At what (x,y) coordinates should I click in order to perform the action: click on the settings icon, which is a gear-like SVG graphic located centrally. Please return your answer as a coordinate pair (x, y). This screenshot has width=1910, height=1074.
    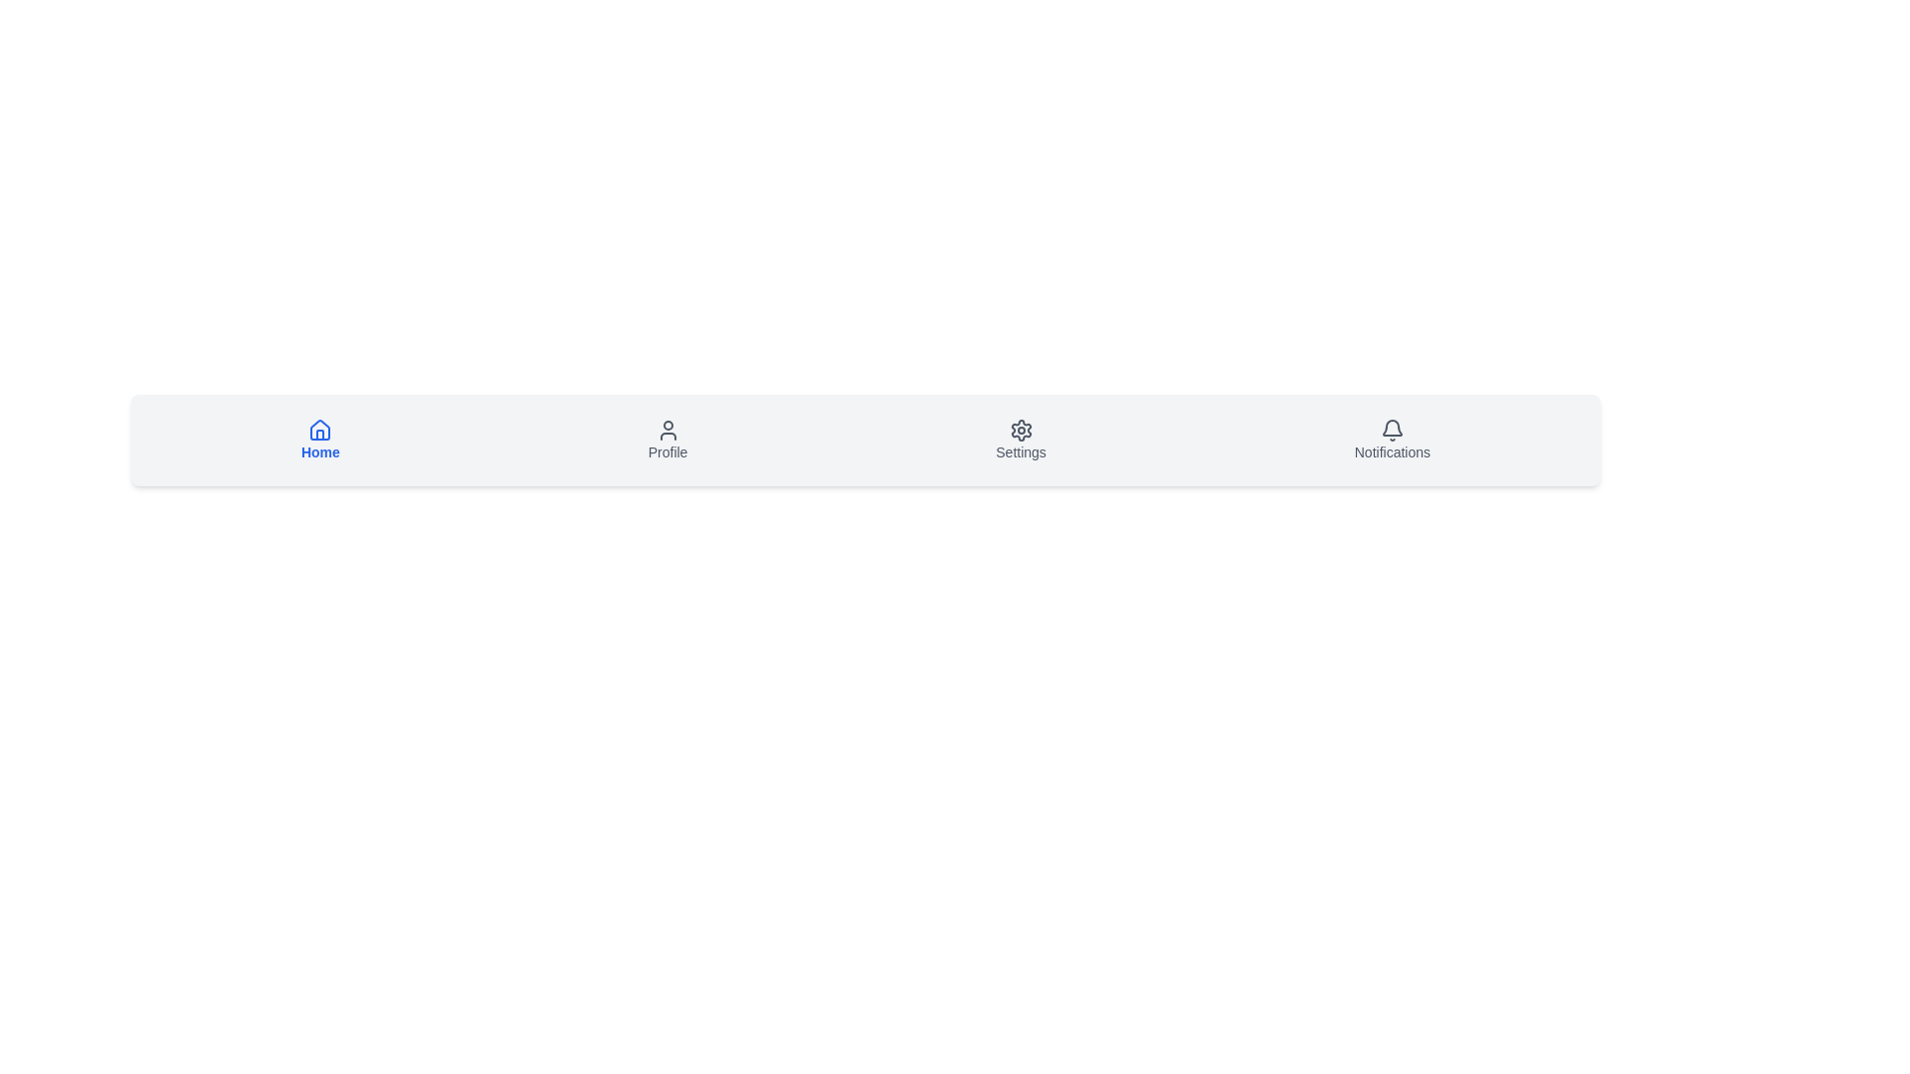
    Looking at the image, I should click on (1021, 429).